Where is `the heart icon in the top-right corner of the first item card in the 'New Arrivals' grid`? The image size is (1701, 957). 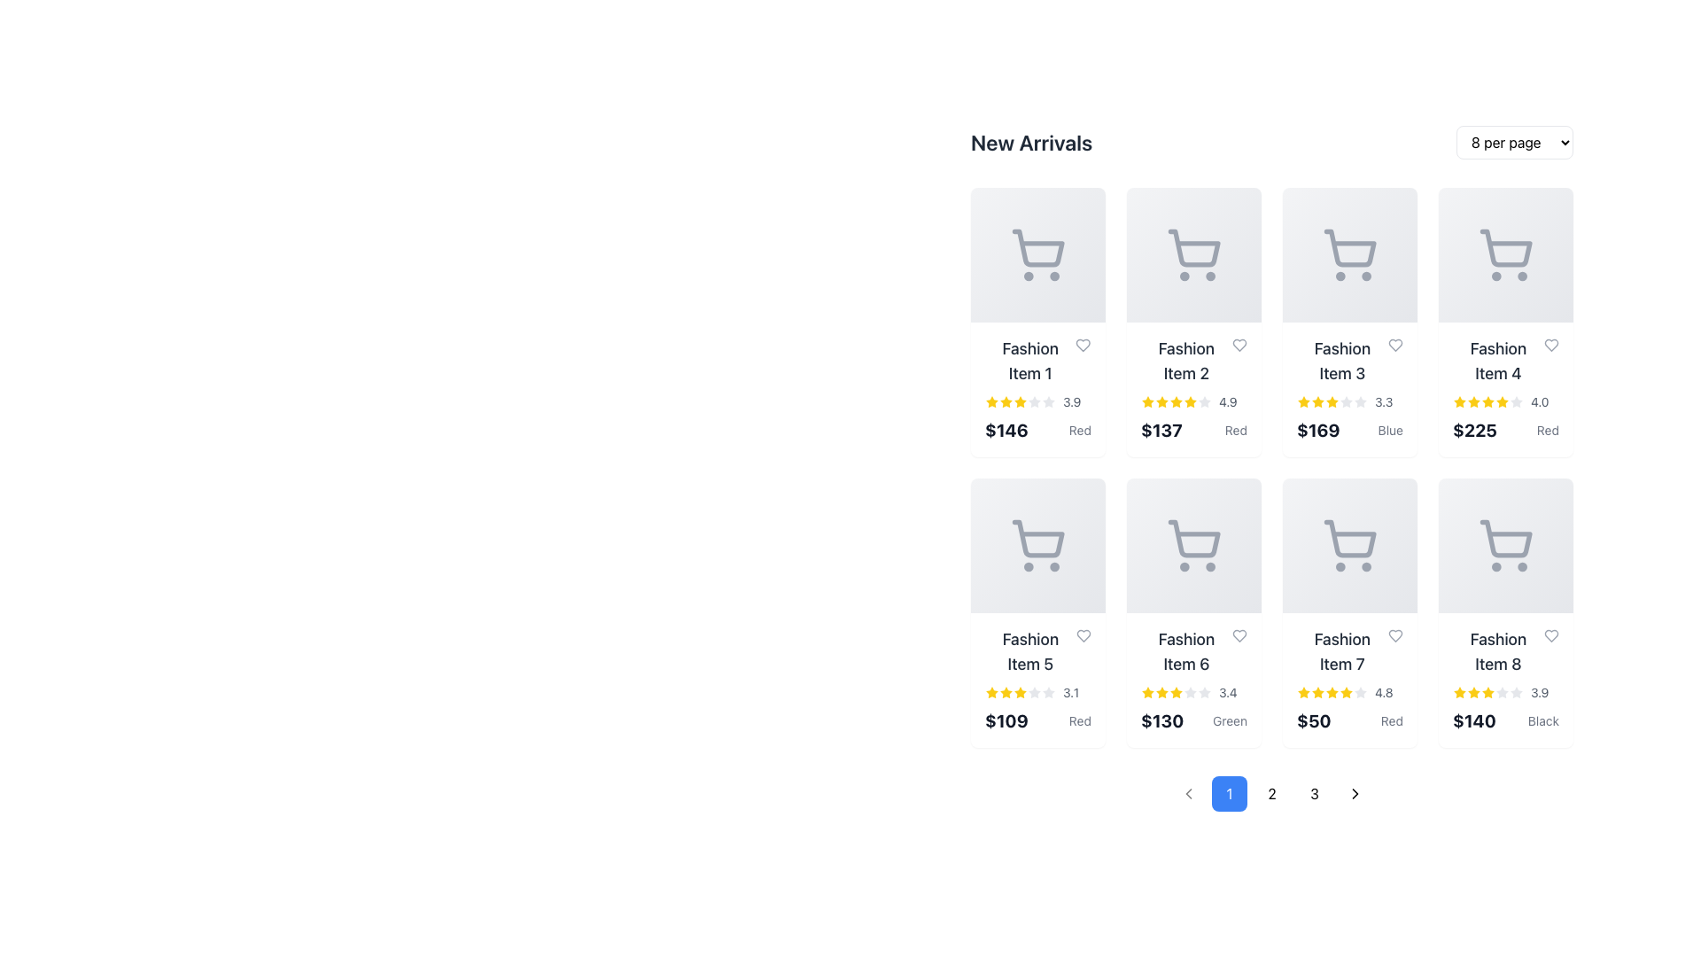 the heart icon in the top-right corner of the first item card in the 'New Arrivals' grid is located at coordinates (1083, 345).